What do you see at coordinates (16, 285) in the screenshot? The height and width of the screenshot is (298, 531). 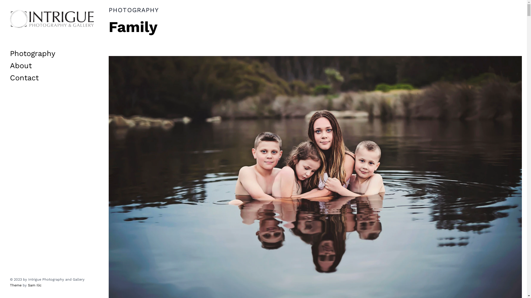 I see `'Theme'` at bounding box center [16, 285].